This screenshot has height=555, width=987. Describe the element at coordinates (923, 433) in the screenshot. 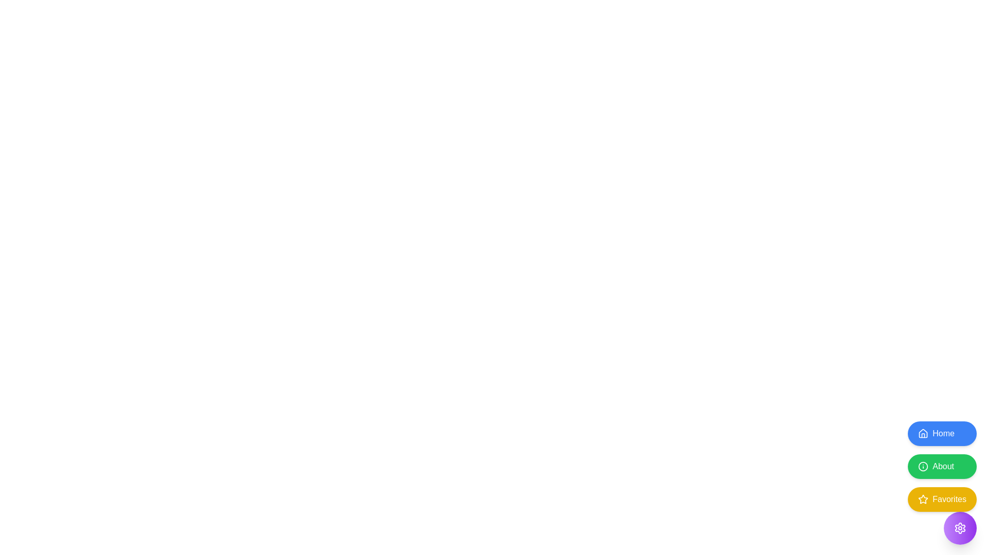

I see `the house-shaped icon located inside the blue 'Home' button at the top of the sidebar` at that location.